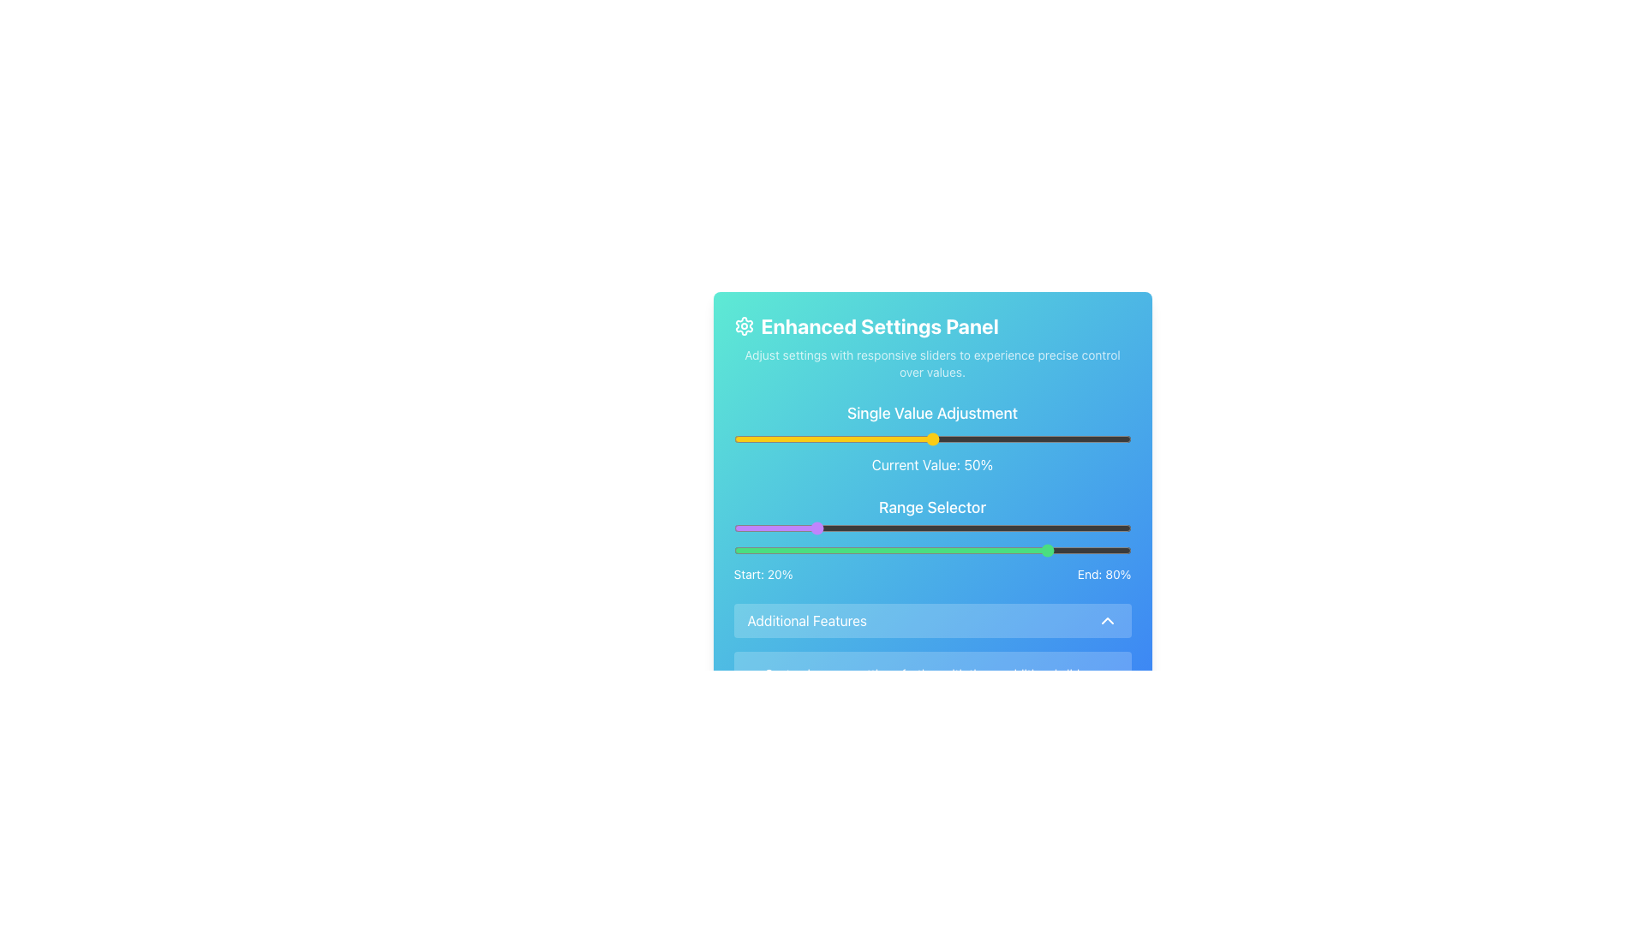 The image size is (1645, 925). Describe the element at coordinates (988, 528) in the screenshot. I see `the range selector sliders` at that location.